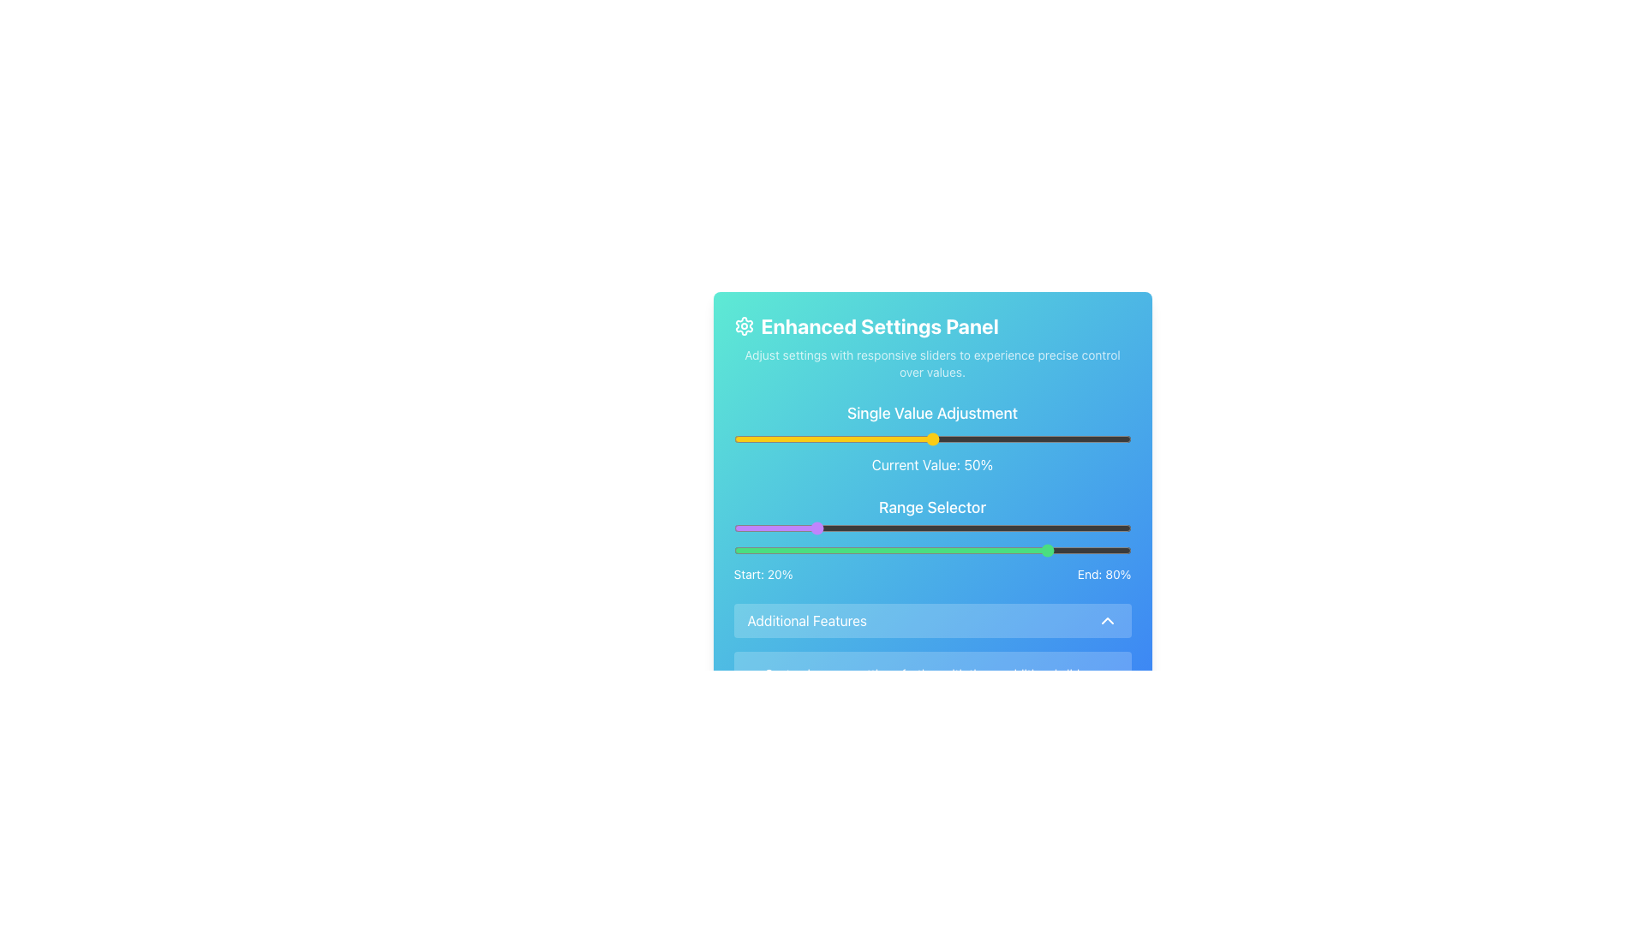 The image size is (1645, 925). Describe the element at coordinates (988, 528) in the screenshot. I see `the range selector sliders` at that location.